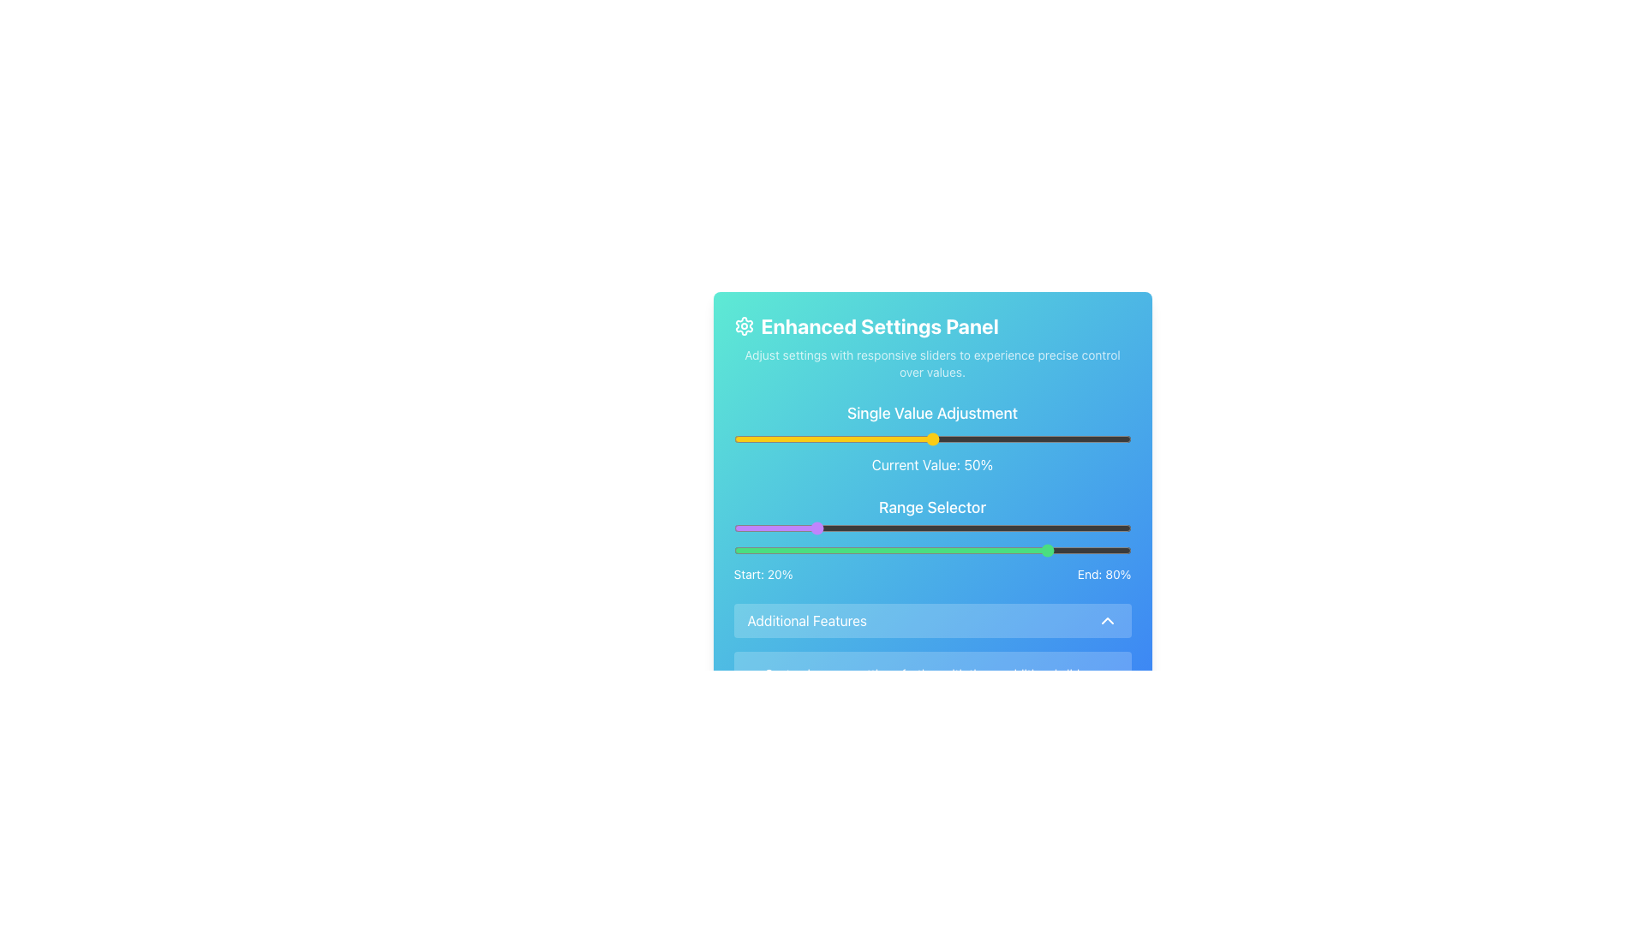 The image size is (1645, 925). Describe the element at coordinates (988, 528) in the screenshot. I see `the range selector sliders` at that location.